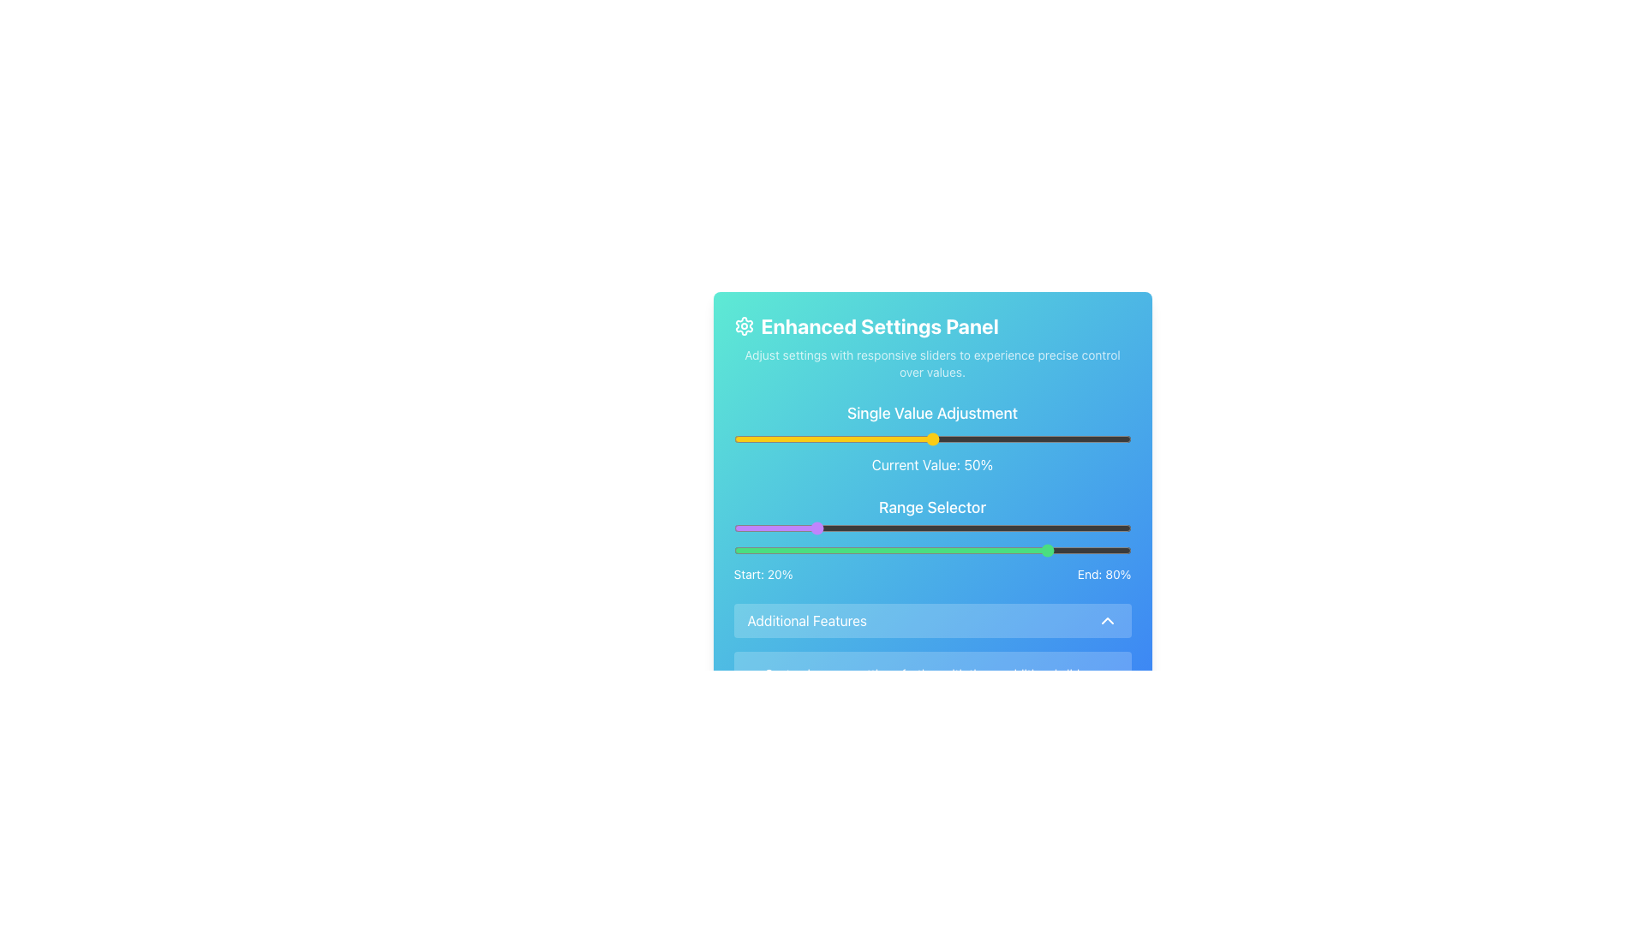 The image size is (1645, 925). Describe the element at coordinates (988, 528) in the screenshot. I see `the range selector sliders` at that location.